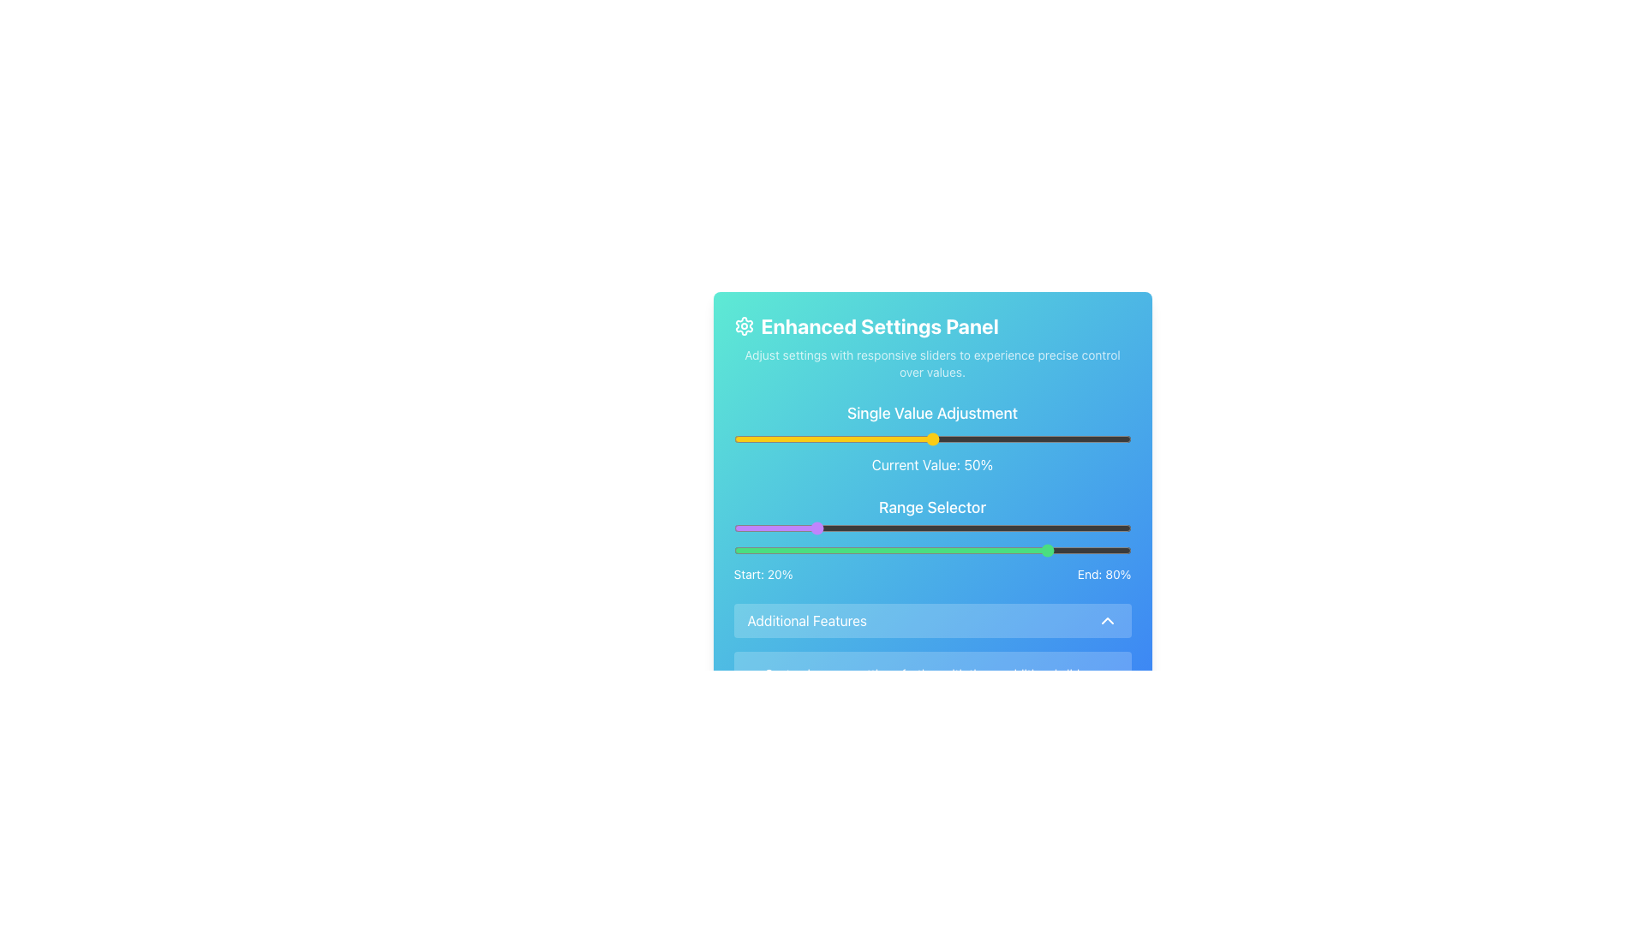 The image size is (1645, 925). Describe the element at coordinates (988, 528) in the screenshot. I see `the range selector sliders` at that location.